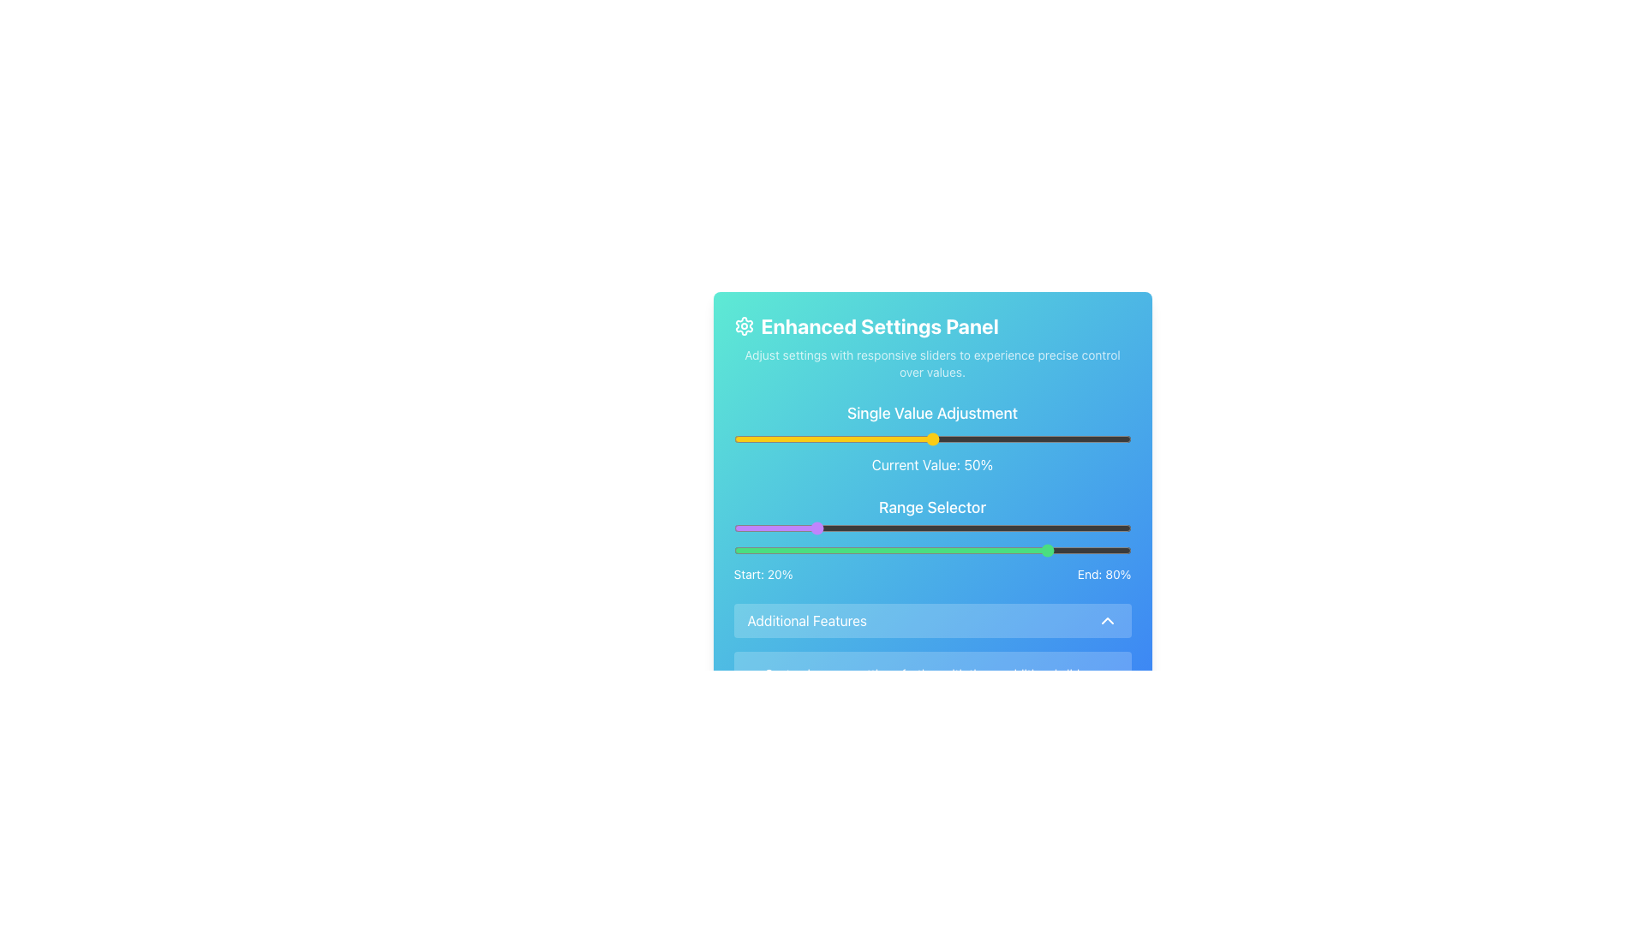 The image size is (1645, 925). Describe the element at coordinates (988, 528) in the screenshot. I see `the range selector sliders` at that location.